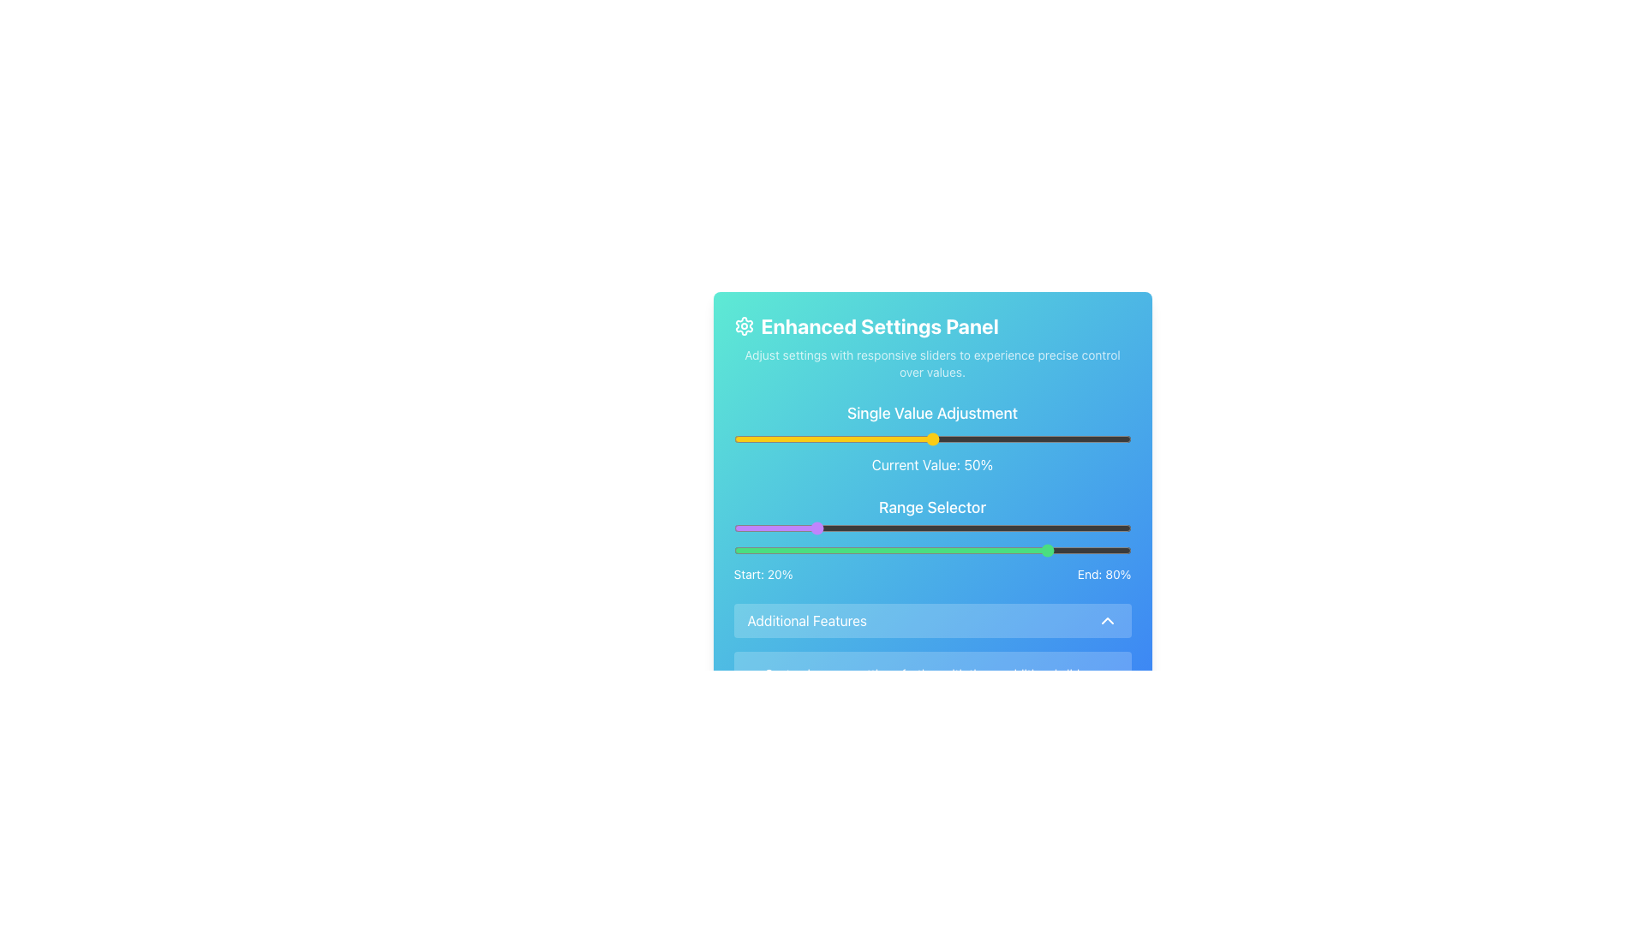 The image size is (1645, 925). Describe the element at coordinates (988, 528) in the screenshot. I see `the range selector sliders` at that location.